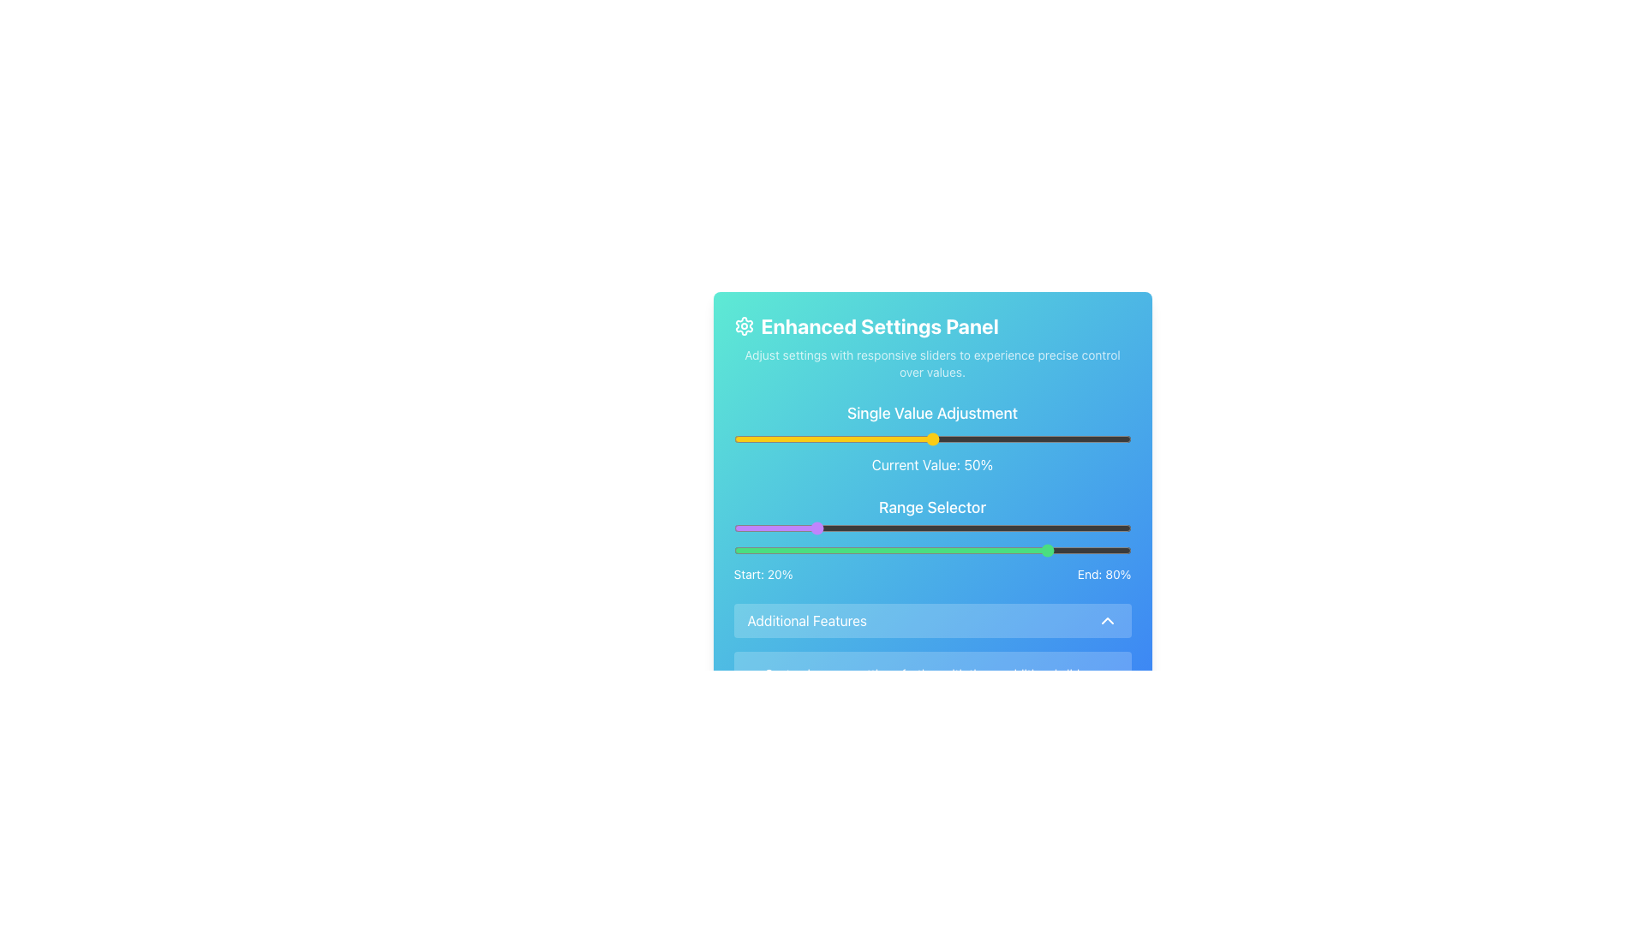 The image size is (1645, 925). Describe the element at coordinates (988, 528) in the screenshot. I see `the range selector sliders` at that location.